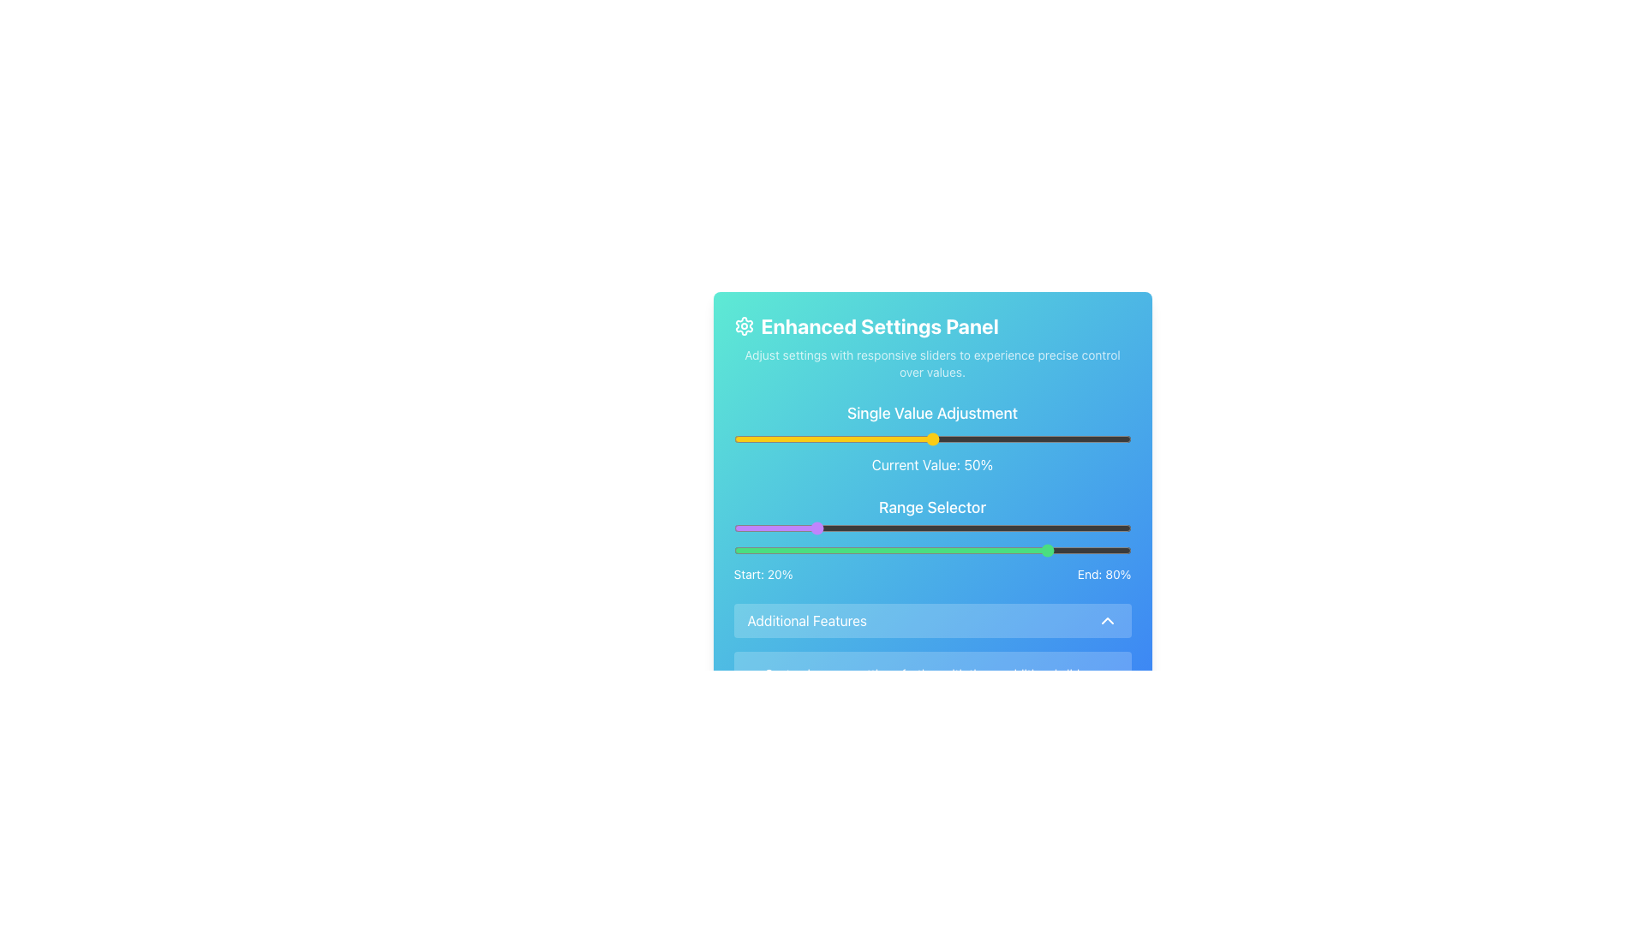 The image size is (1645, 925). Describe the element at coordinates (988, 528) in the screenshot. I see `the range selector sliders` at that location.